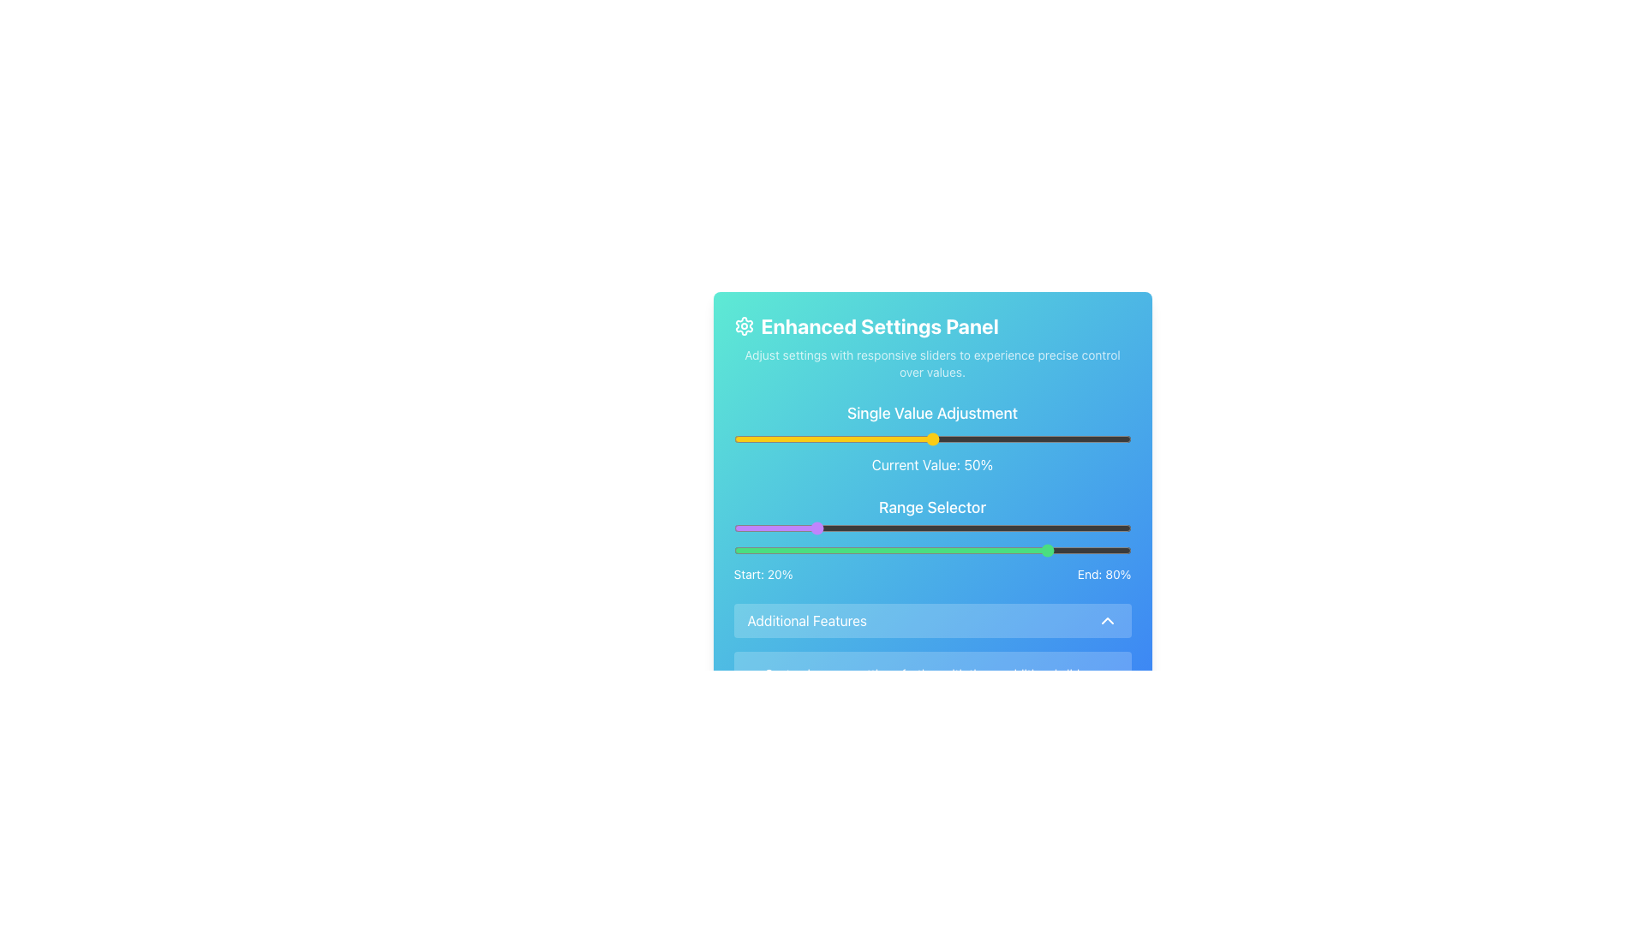 The image size is (1645, 925). Describe the element at coordinates (988, 528) in the screenshot. I see `the range selector sliders` at that location.